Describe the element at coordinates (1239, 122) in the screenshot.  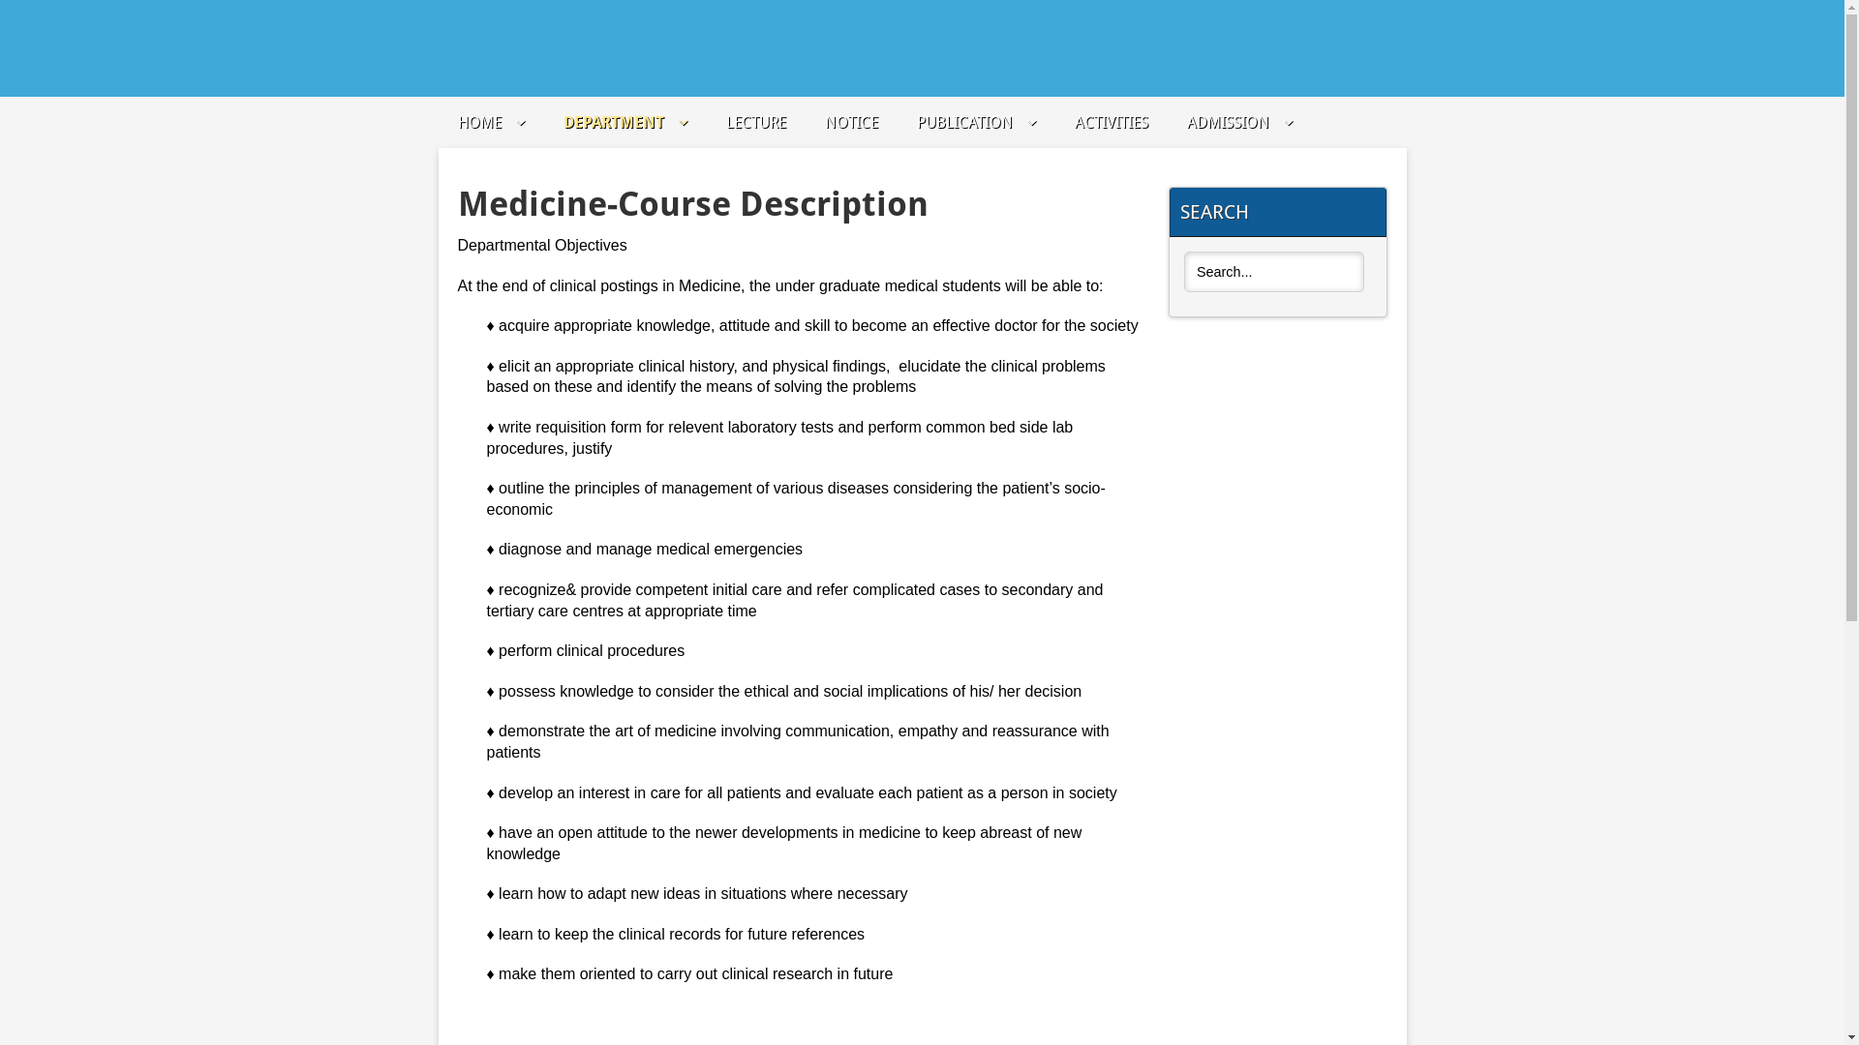
I see `'ADMISSION'` at that location.